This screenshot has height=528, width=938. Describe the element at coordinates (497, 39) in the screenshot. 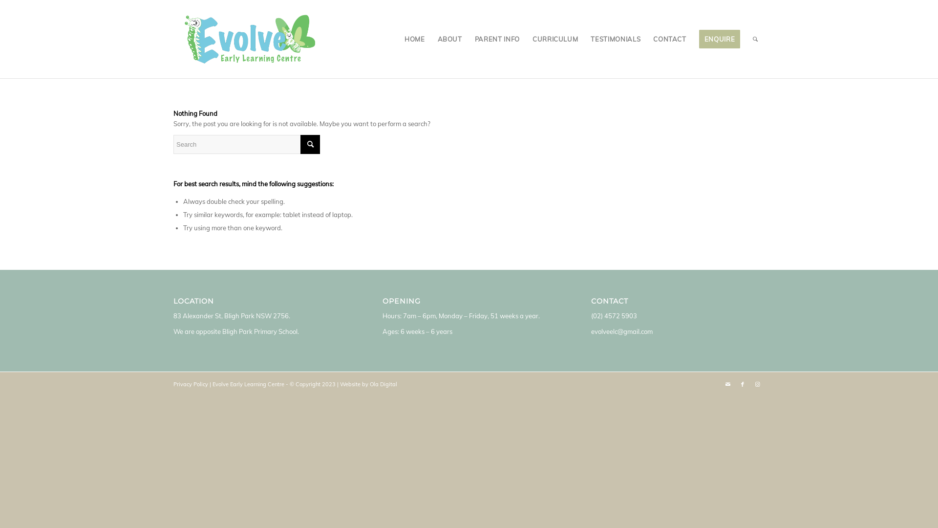

I see `'PARENT INFO'` at that location.